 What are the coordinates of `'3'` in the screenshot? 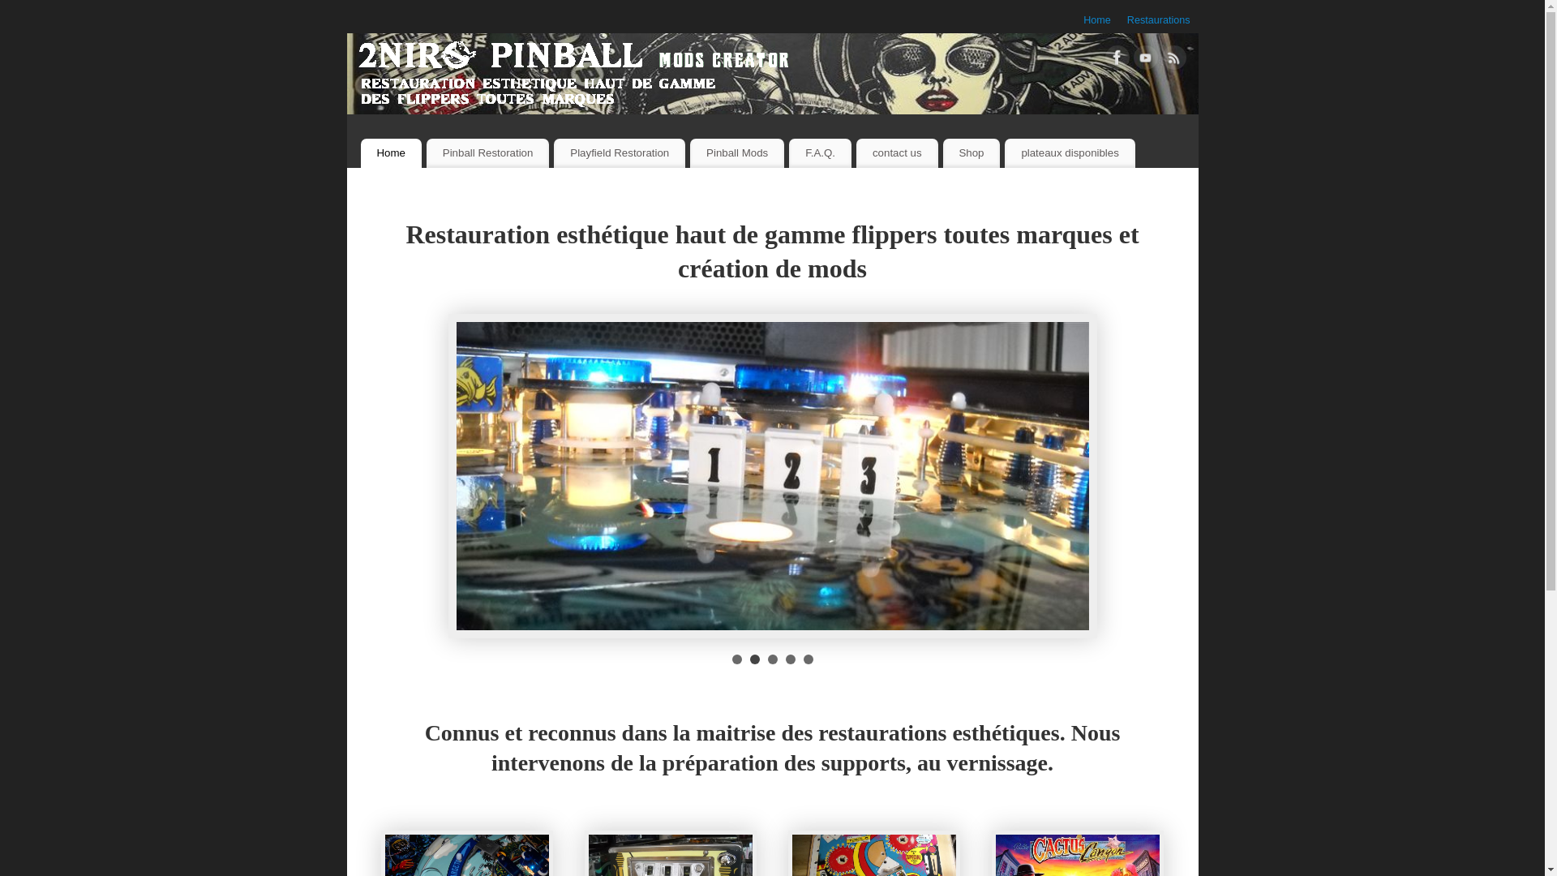 It's located at (770, 659).